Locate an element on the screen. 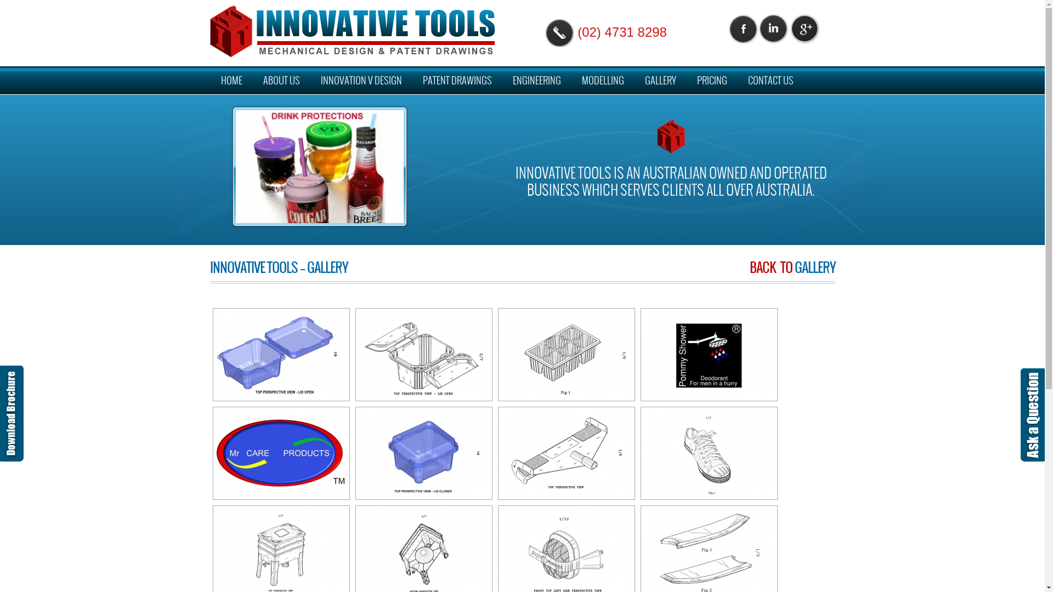 The width and height of the screenshot is (1053, 592). 'BACK  TO  GALLERY' is located at coordinates (792, 267).